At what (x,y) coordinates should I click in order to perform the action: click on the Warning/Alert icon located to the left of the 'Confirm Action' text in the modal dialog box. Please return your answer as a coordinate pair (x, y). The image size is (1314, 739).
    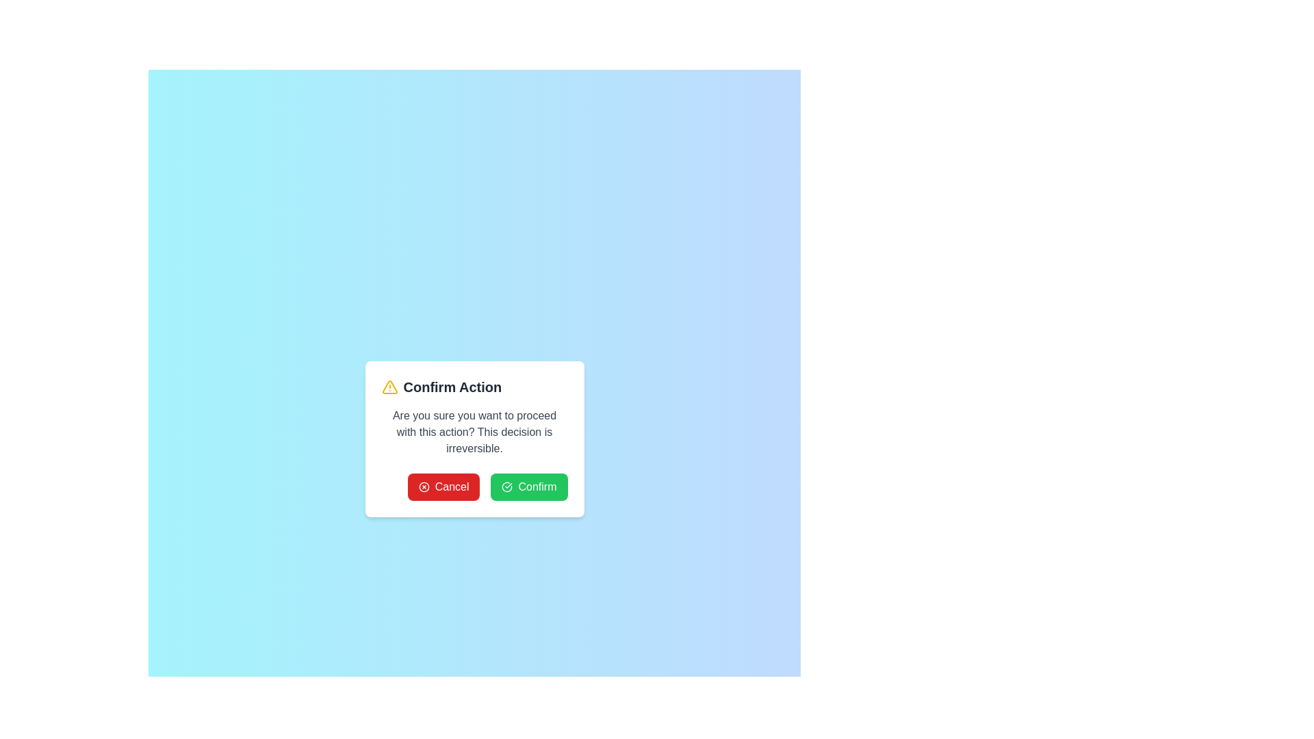
    Looking at the image, I should click on (389, 387).